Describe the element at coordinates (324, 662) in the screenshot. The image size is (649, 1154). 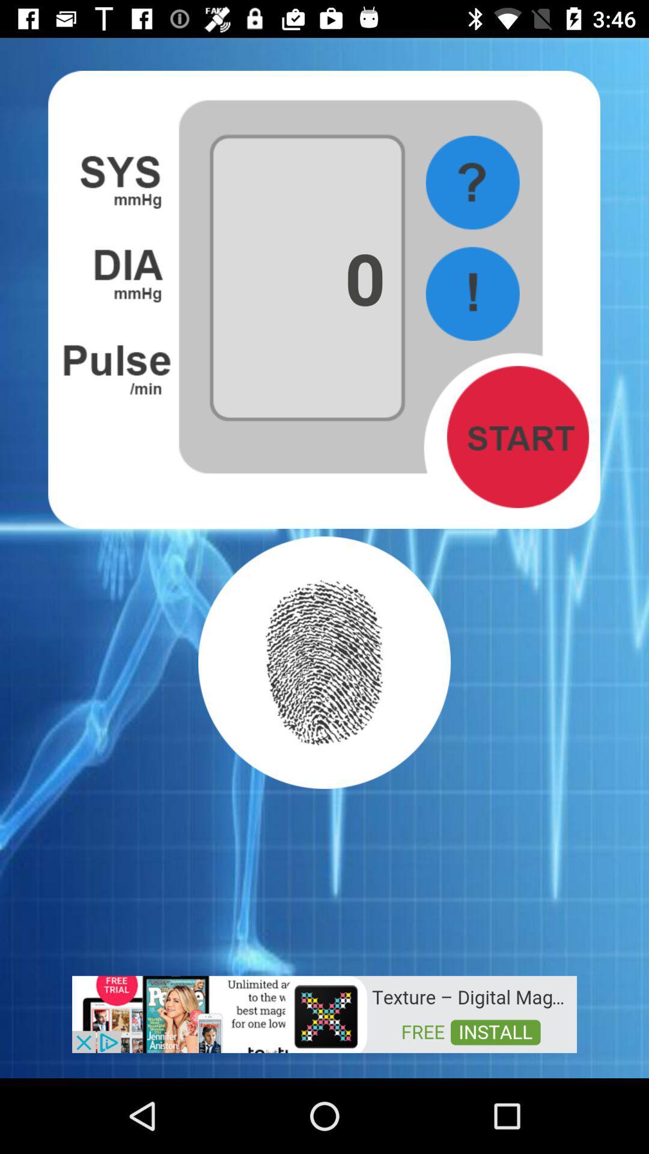
I see `figure print` at that location.